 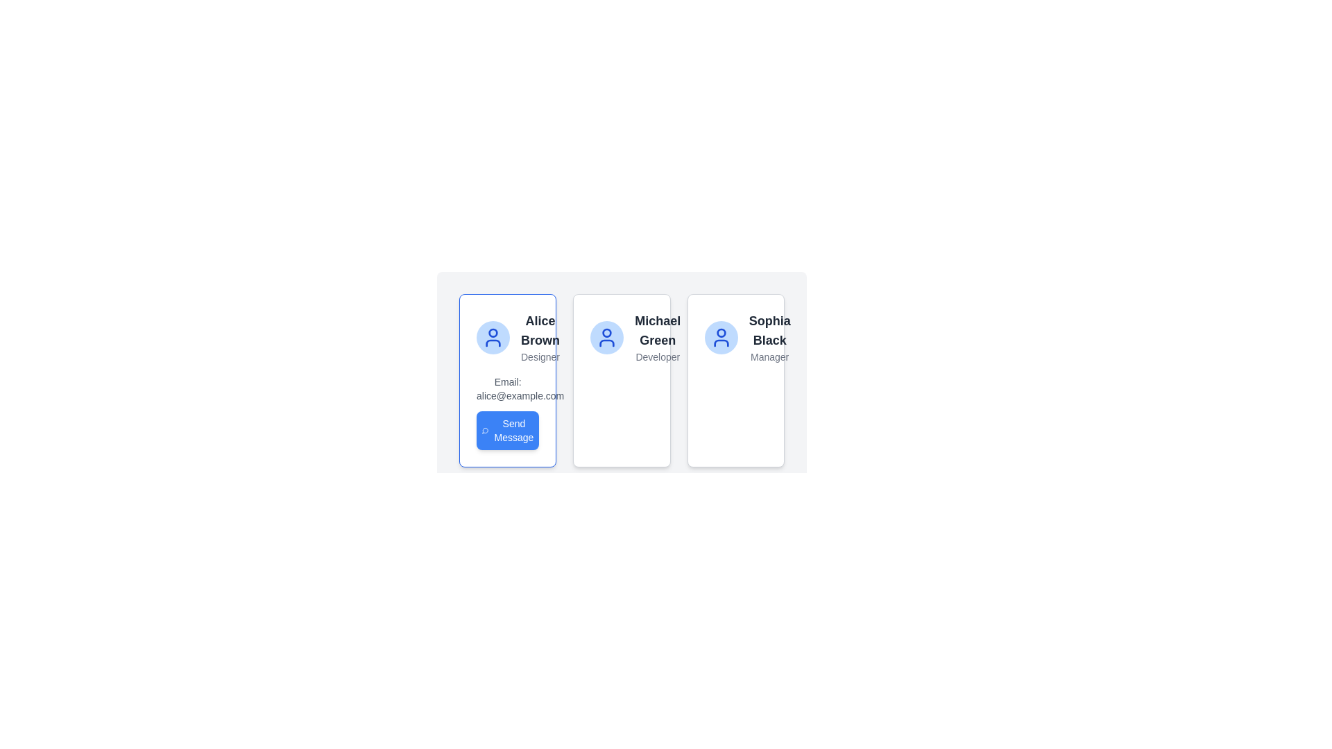 What do you see at coordinates (769, 331) in the screenshot?
I see `the text element displaying 'Sophia Black' in bold, dark gray font` at bounding box center [769, 331].